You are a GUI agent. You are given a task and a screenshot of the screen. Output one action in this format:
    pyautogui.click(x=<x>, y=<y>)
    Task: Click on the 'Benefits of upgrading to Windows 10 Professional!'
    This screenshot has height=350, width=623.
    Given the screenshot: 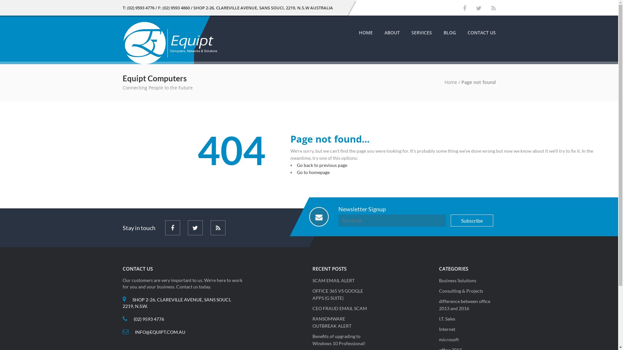 What is the action you would take?
    pyautogui.click(x=312, y=339)
    